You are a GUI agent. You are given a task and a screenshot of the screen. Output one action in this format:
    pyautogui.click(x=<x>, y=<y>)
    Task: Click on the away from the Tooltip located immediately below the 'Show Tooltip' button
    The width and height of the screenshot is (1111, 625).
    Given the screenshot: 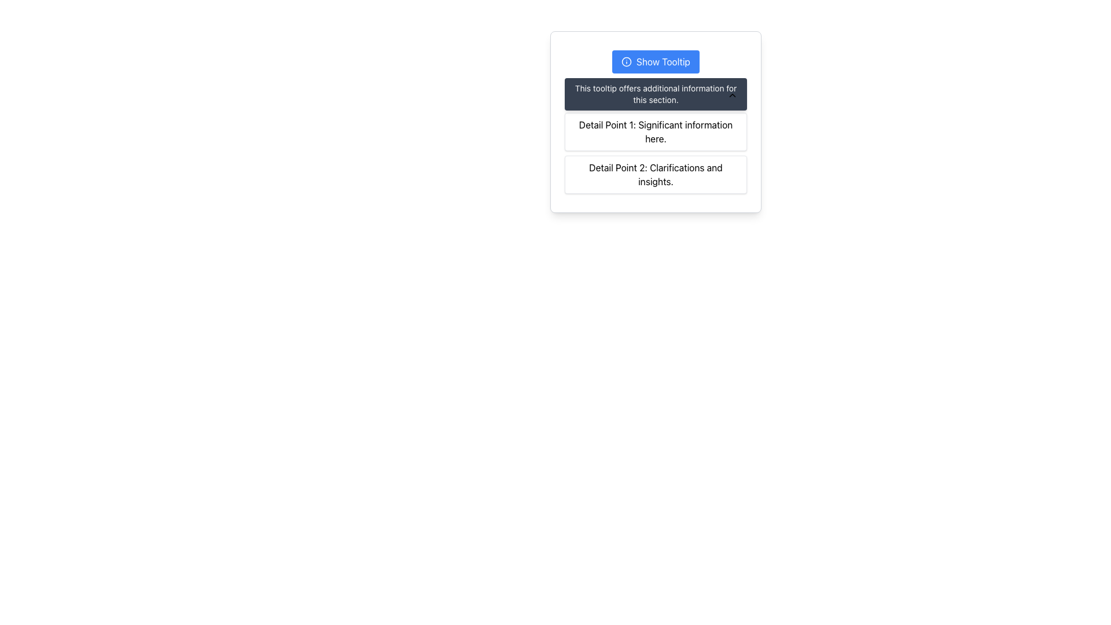 What is the action you would take?
    pyautogui.click(x=656, y=93)
    